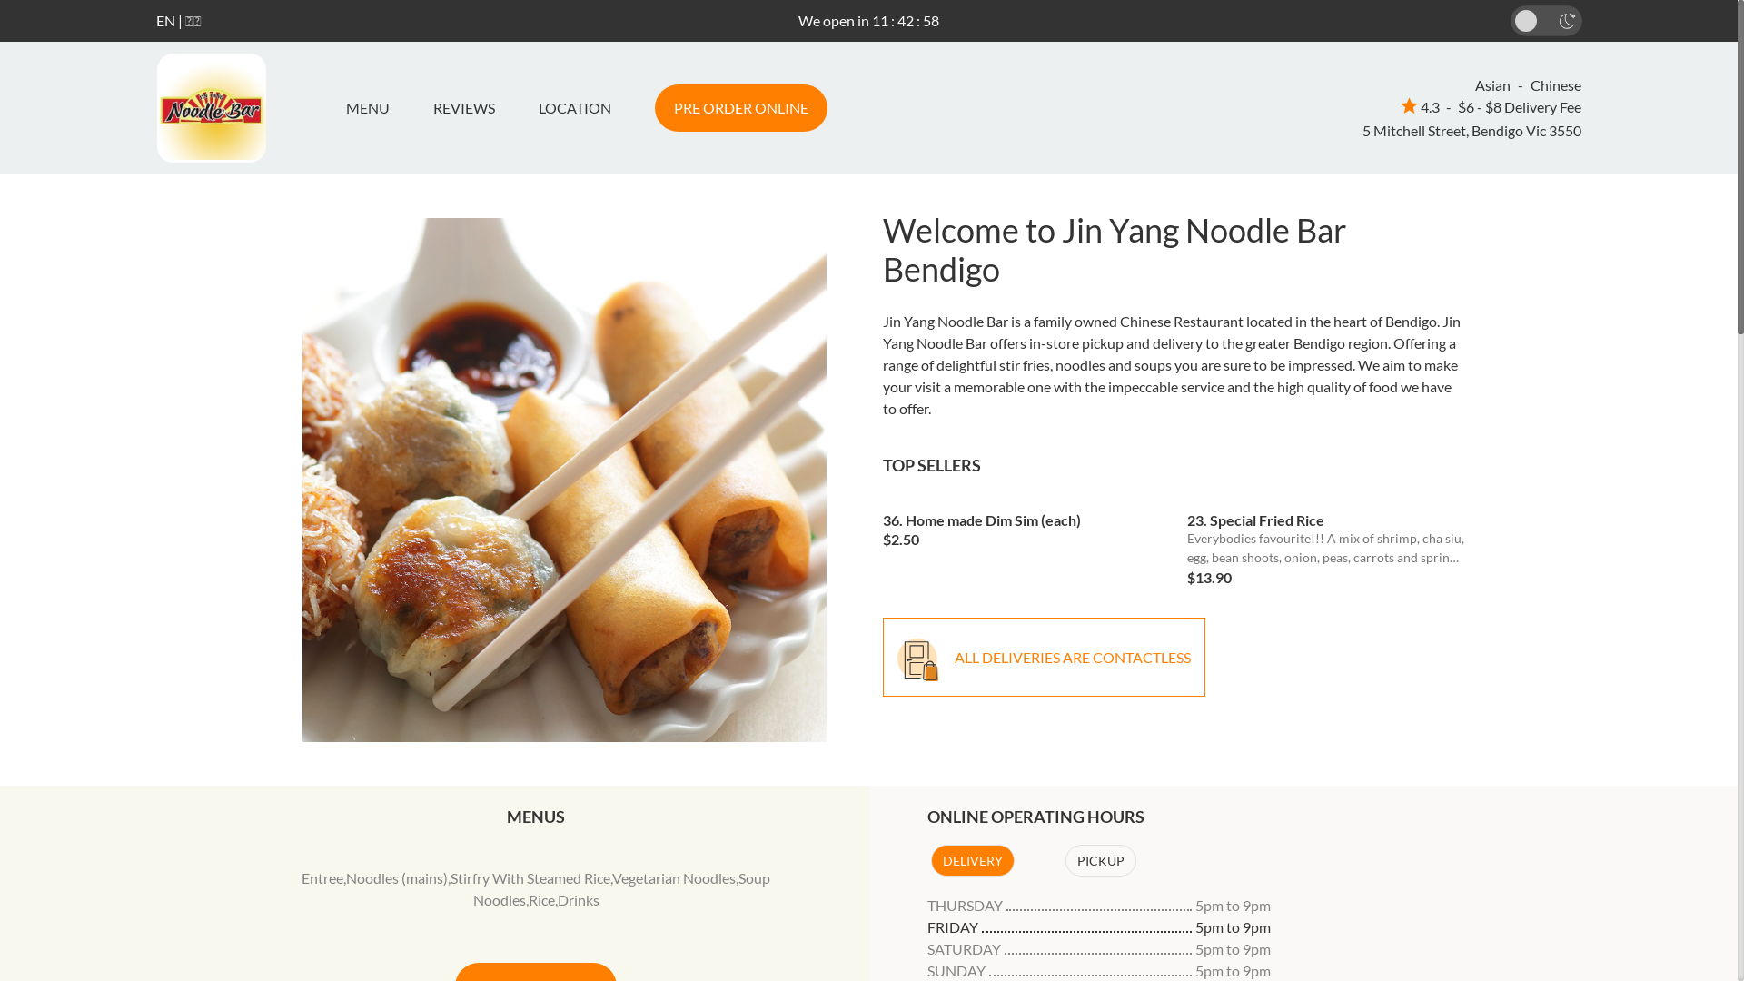  Describe the element at coordinates (1098, 859) in the screenshot. I see `'PICKUP'` at that location.